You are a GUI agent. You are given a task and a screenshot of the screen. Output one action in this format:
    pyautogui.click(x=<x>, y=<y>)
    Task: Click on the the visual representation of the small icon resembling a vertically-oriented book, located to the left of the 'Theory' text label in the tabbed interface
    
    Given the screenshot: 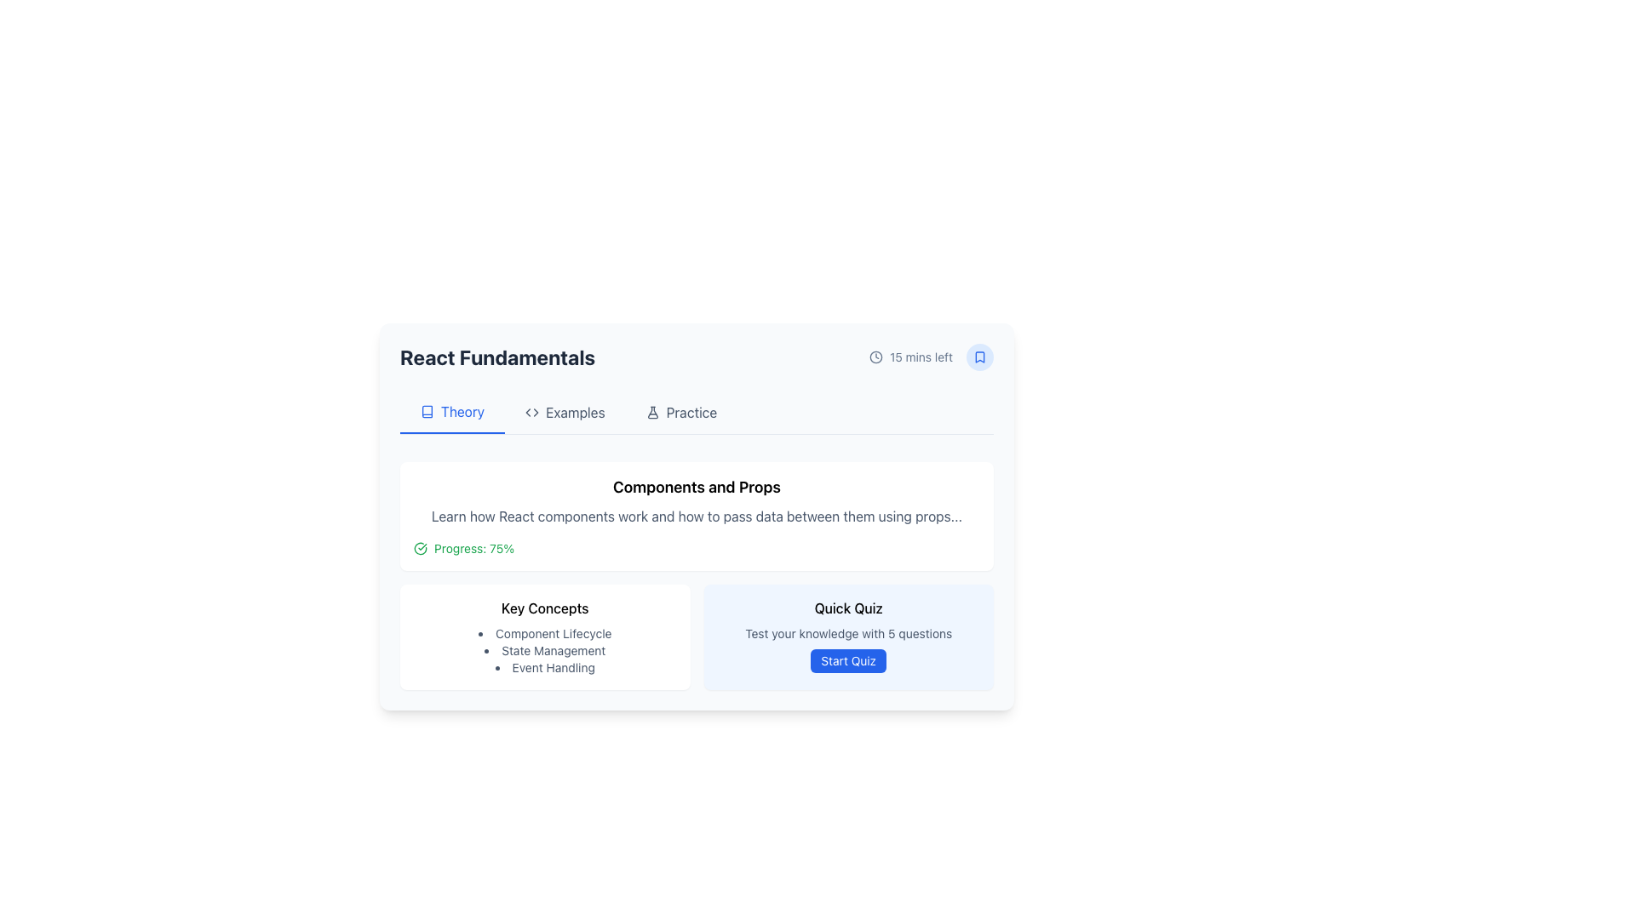 What is the action you would take?
    pyautogui.click(x=427, y=411)
    